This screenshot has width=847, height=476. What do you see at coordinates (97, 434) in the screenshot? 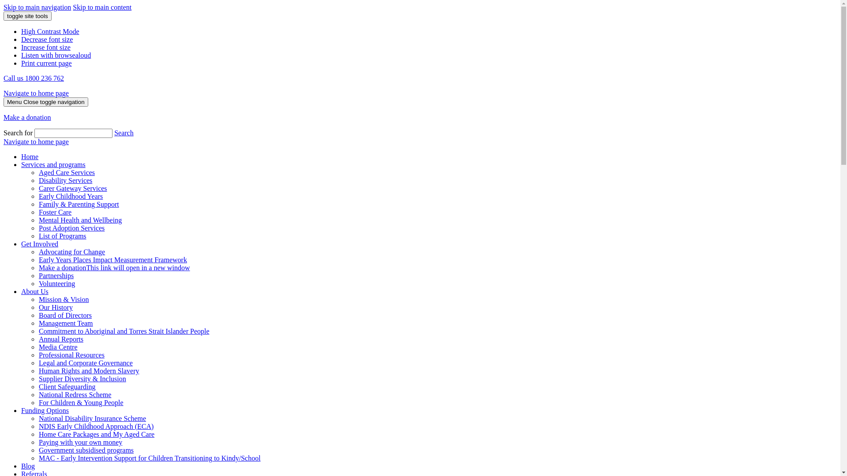
I see `'Home Care Packages and My Aged Care'` at bounding box center [97, 434].